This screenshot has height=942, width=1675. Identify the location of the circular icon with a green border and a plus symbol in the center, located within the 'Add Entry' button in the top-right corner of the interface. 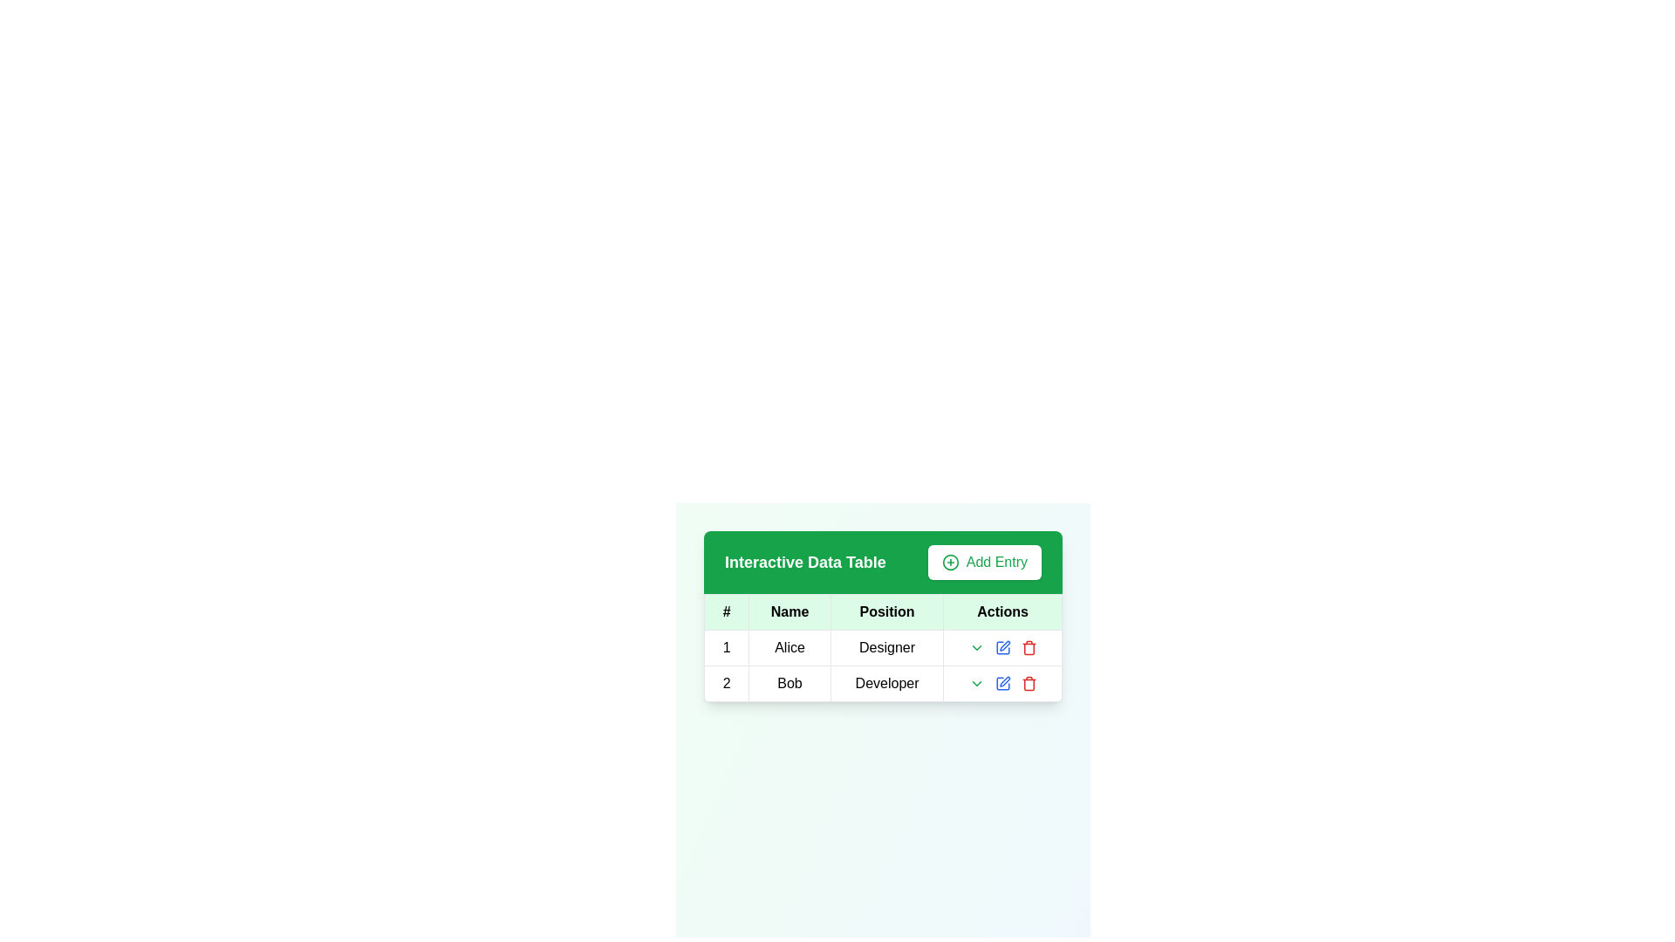
(949, 562).